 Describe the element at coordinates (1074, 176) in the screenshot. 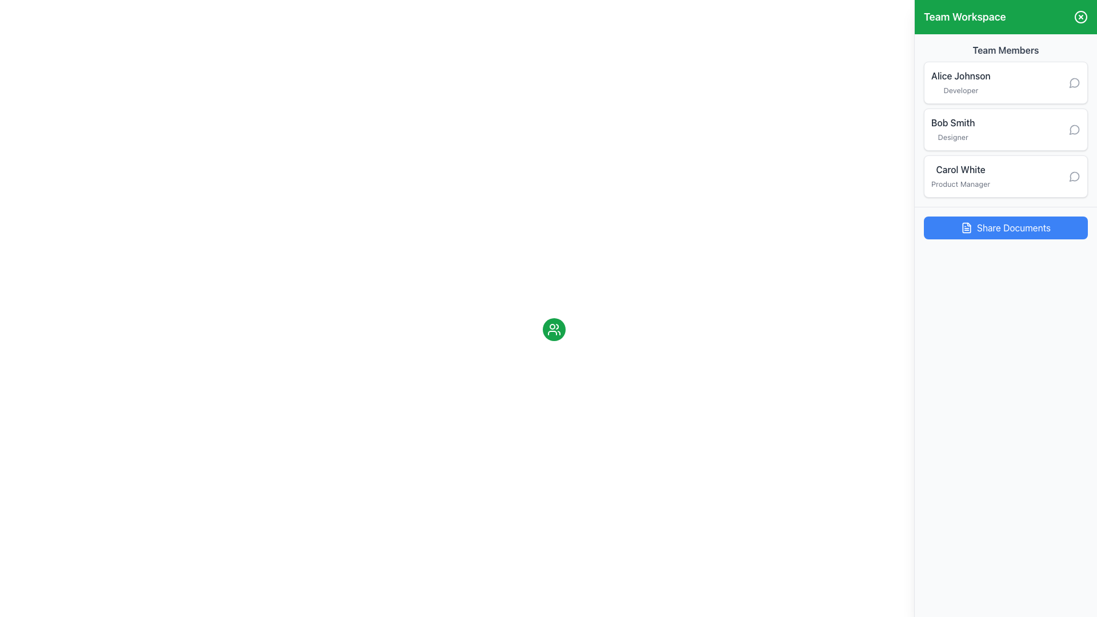

I see `the Icon Button located to the right of 'Carol White' and 'Product Manager' in the 'Team Members' section to initiate a conversation or view messages` at that location.